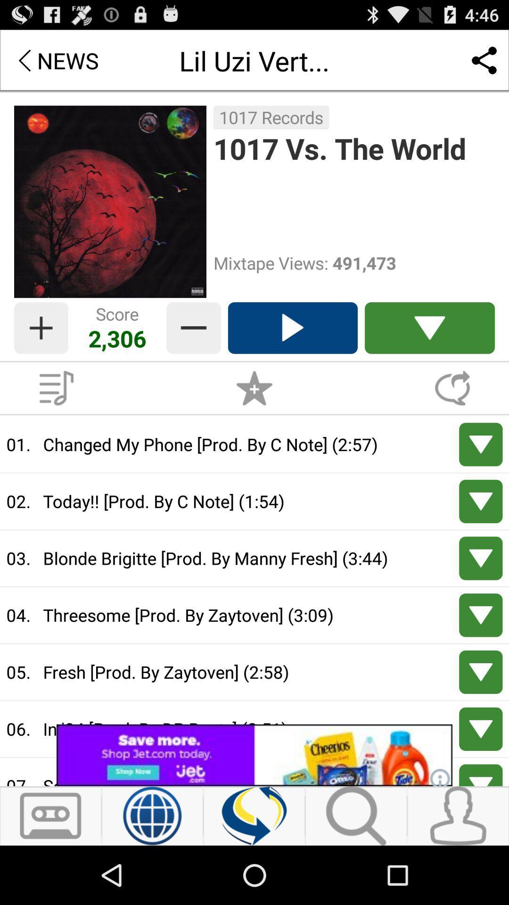  Describe the element at coordinates (254, 755) in the screenshot. I see `share the article` at that location.